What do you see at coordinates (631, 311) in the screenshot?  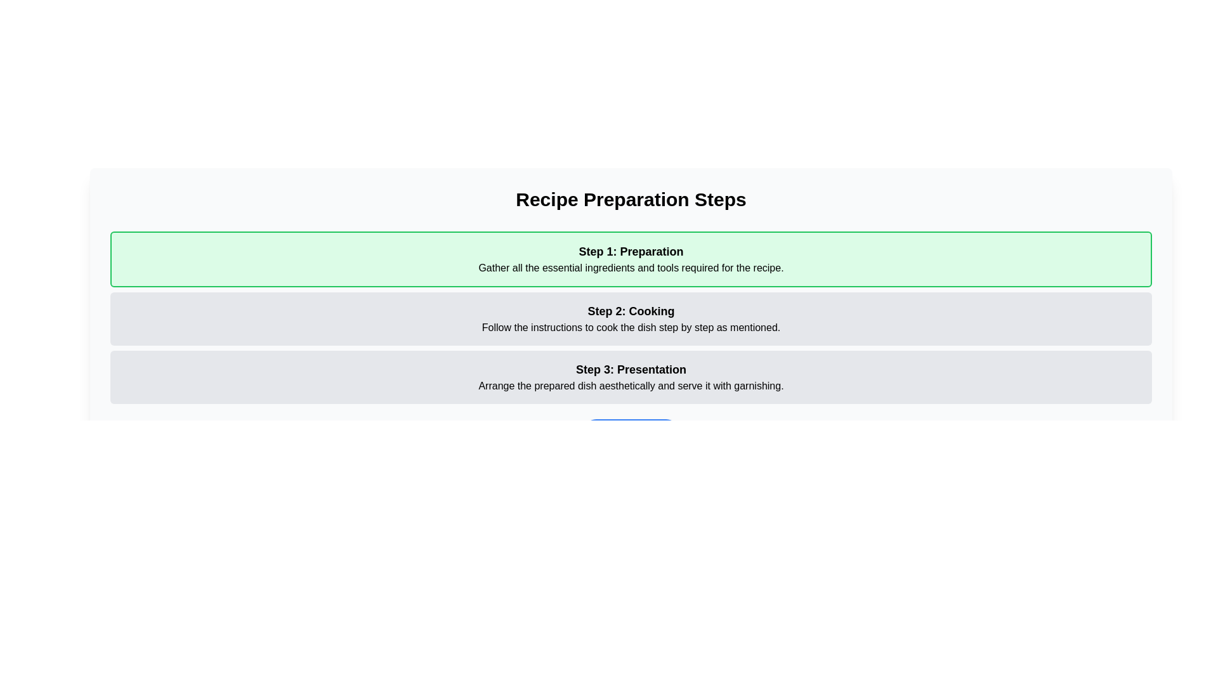 I see `the 'Cooking' phase heading located in the light gray section labeled 'Step 2', which is positioned above the subtitle for cooking instructions` at bounding box center [631, 311].